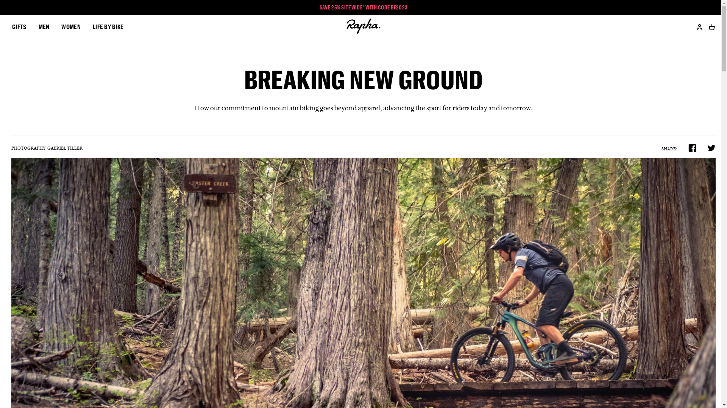  Describe the element at coordinates (696, 27) in the screenshot. I see `'Account'` at that location.